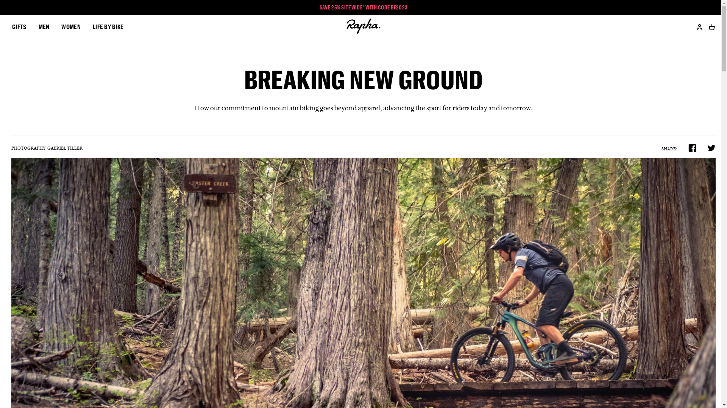  Describe the element at coordinates (696, 27) in the screenshot. I see `'Account'` at that location.